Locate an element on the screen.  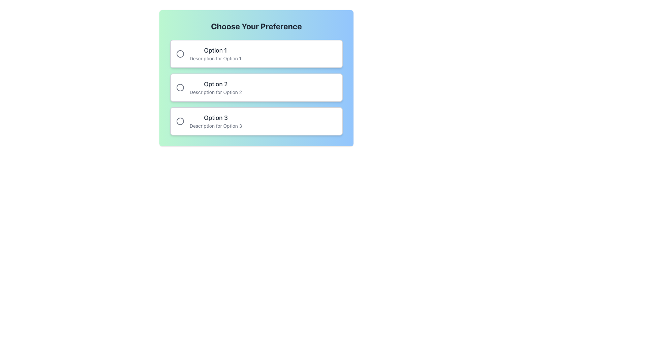
the graphical element (circle) located in the third row labeled 'Option 3', positioned towards the left side of the row, integrated into an icon area is located at coordinates (180, 121).